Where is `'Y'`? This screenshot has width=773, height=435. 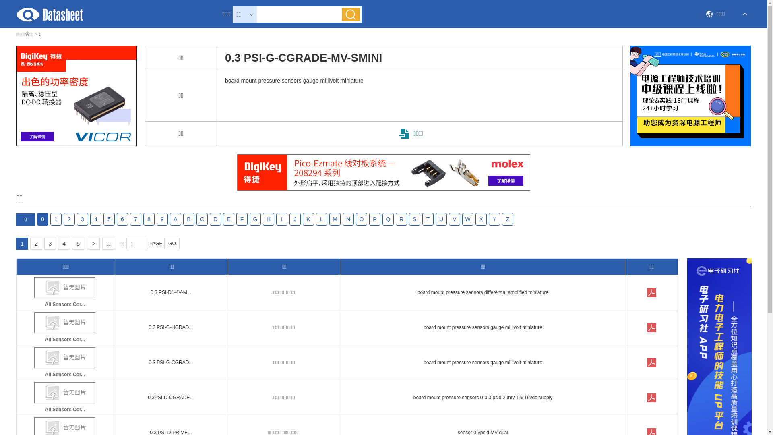
'Y' is located at coordinates (494, 219).